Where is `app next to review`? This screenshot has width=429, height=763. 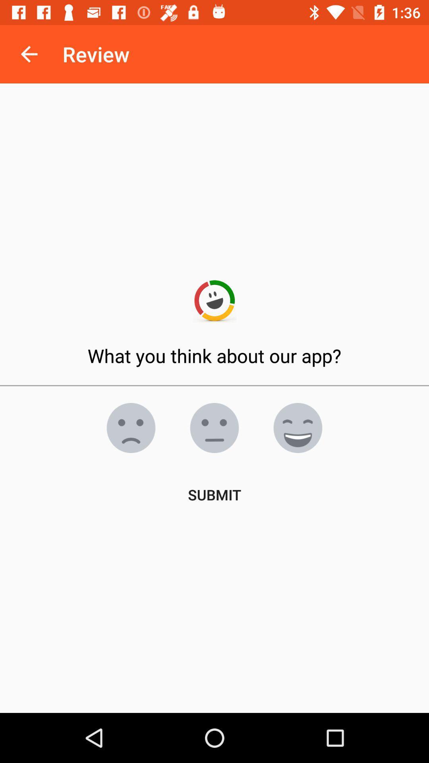
app next to review is located at coordinates (29, 54).